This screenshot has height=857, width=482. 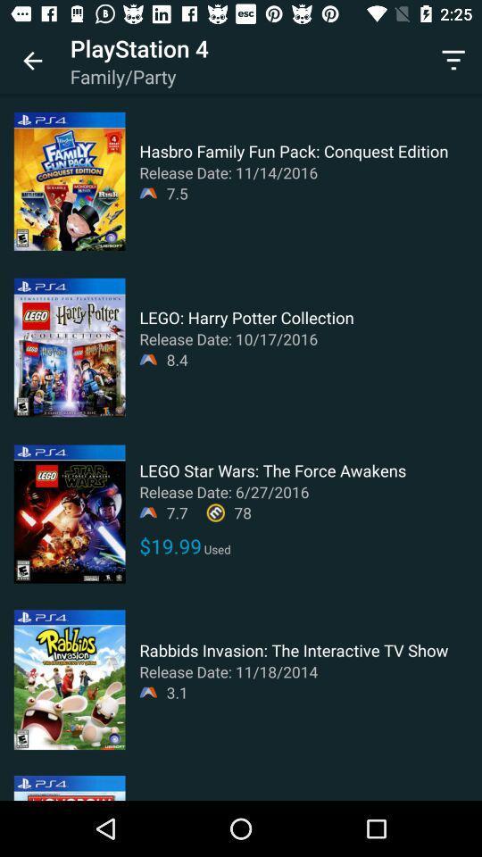 I want to click on app next to playstation 4 icon, so click(x=32, y=61).